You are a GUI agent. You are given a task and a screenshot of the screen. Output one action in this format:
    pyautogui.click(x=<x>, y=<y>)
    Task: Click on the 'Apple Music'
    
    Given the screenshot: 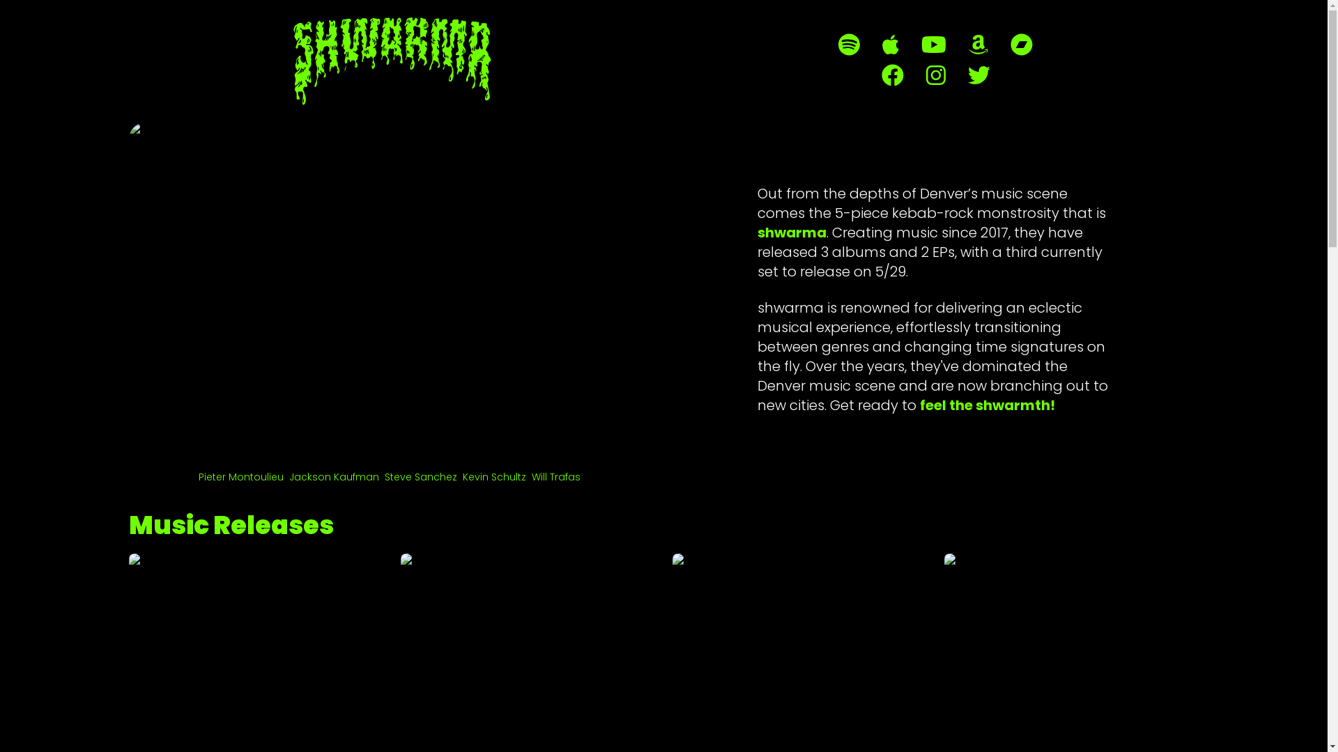 What is the action you would take?
    pyautogui.click(x=889, y=44)
    